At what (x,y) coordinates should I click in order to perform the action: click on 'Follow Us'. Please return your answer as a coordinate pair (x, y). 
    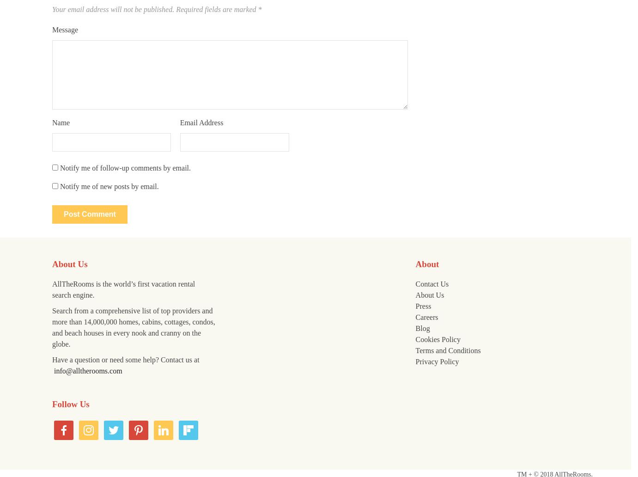
    Looking at the image, I should click on (71, 404).